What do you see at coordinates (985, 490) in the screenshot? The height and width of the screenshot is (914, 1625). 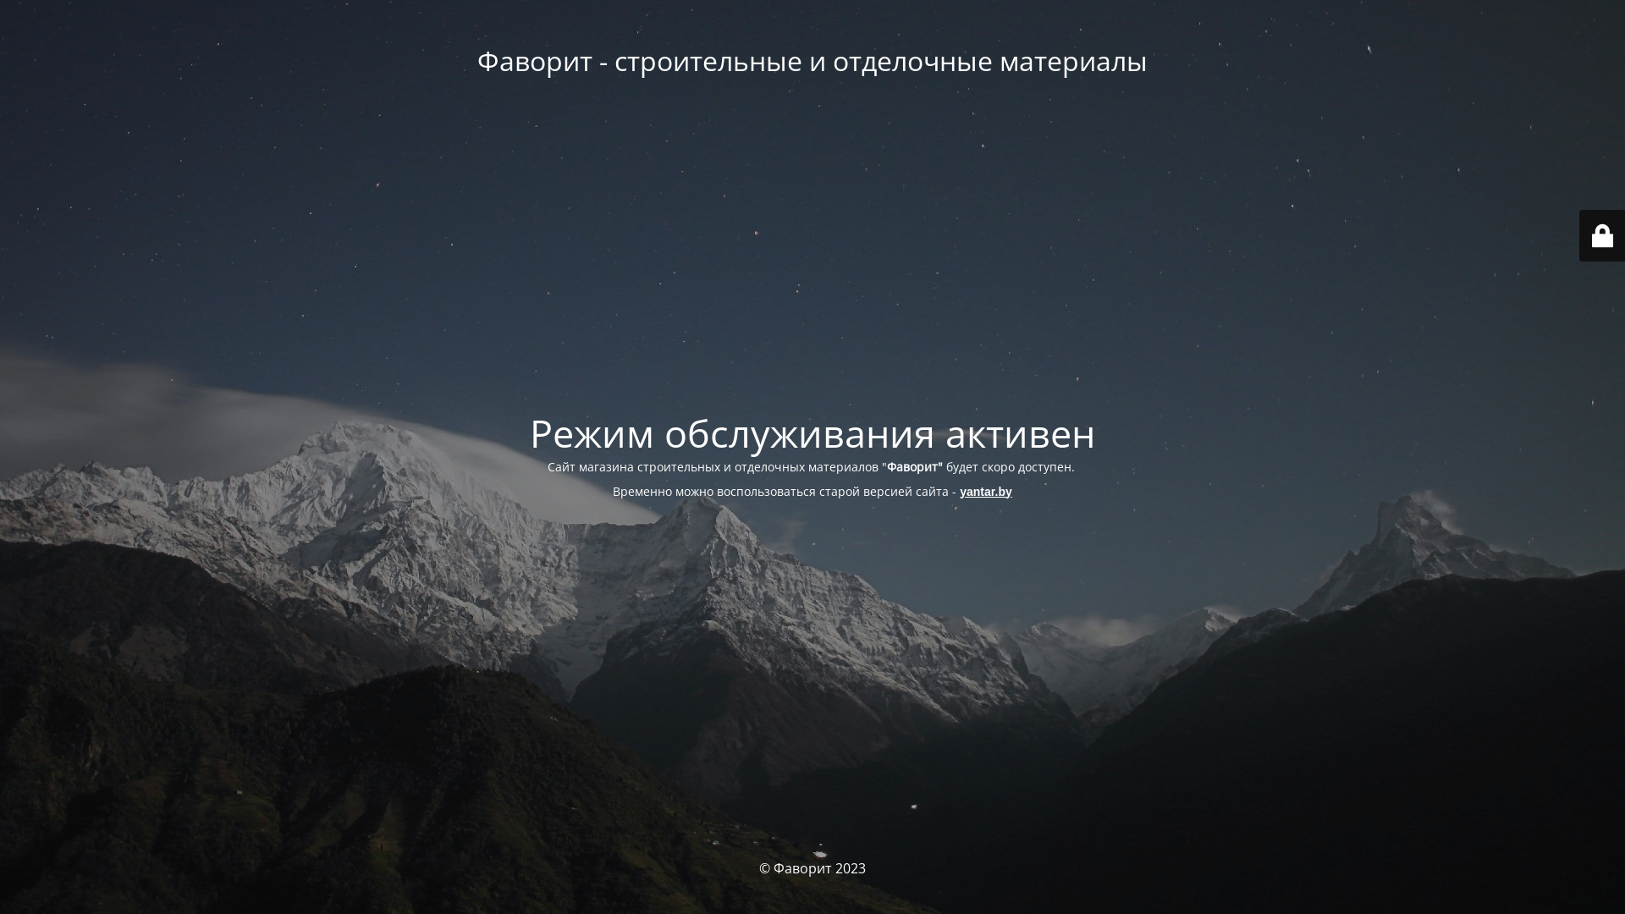 I see `'yantar.by'` at bounding box center [985, 490].